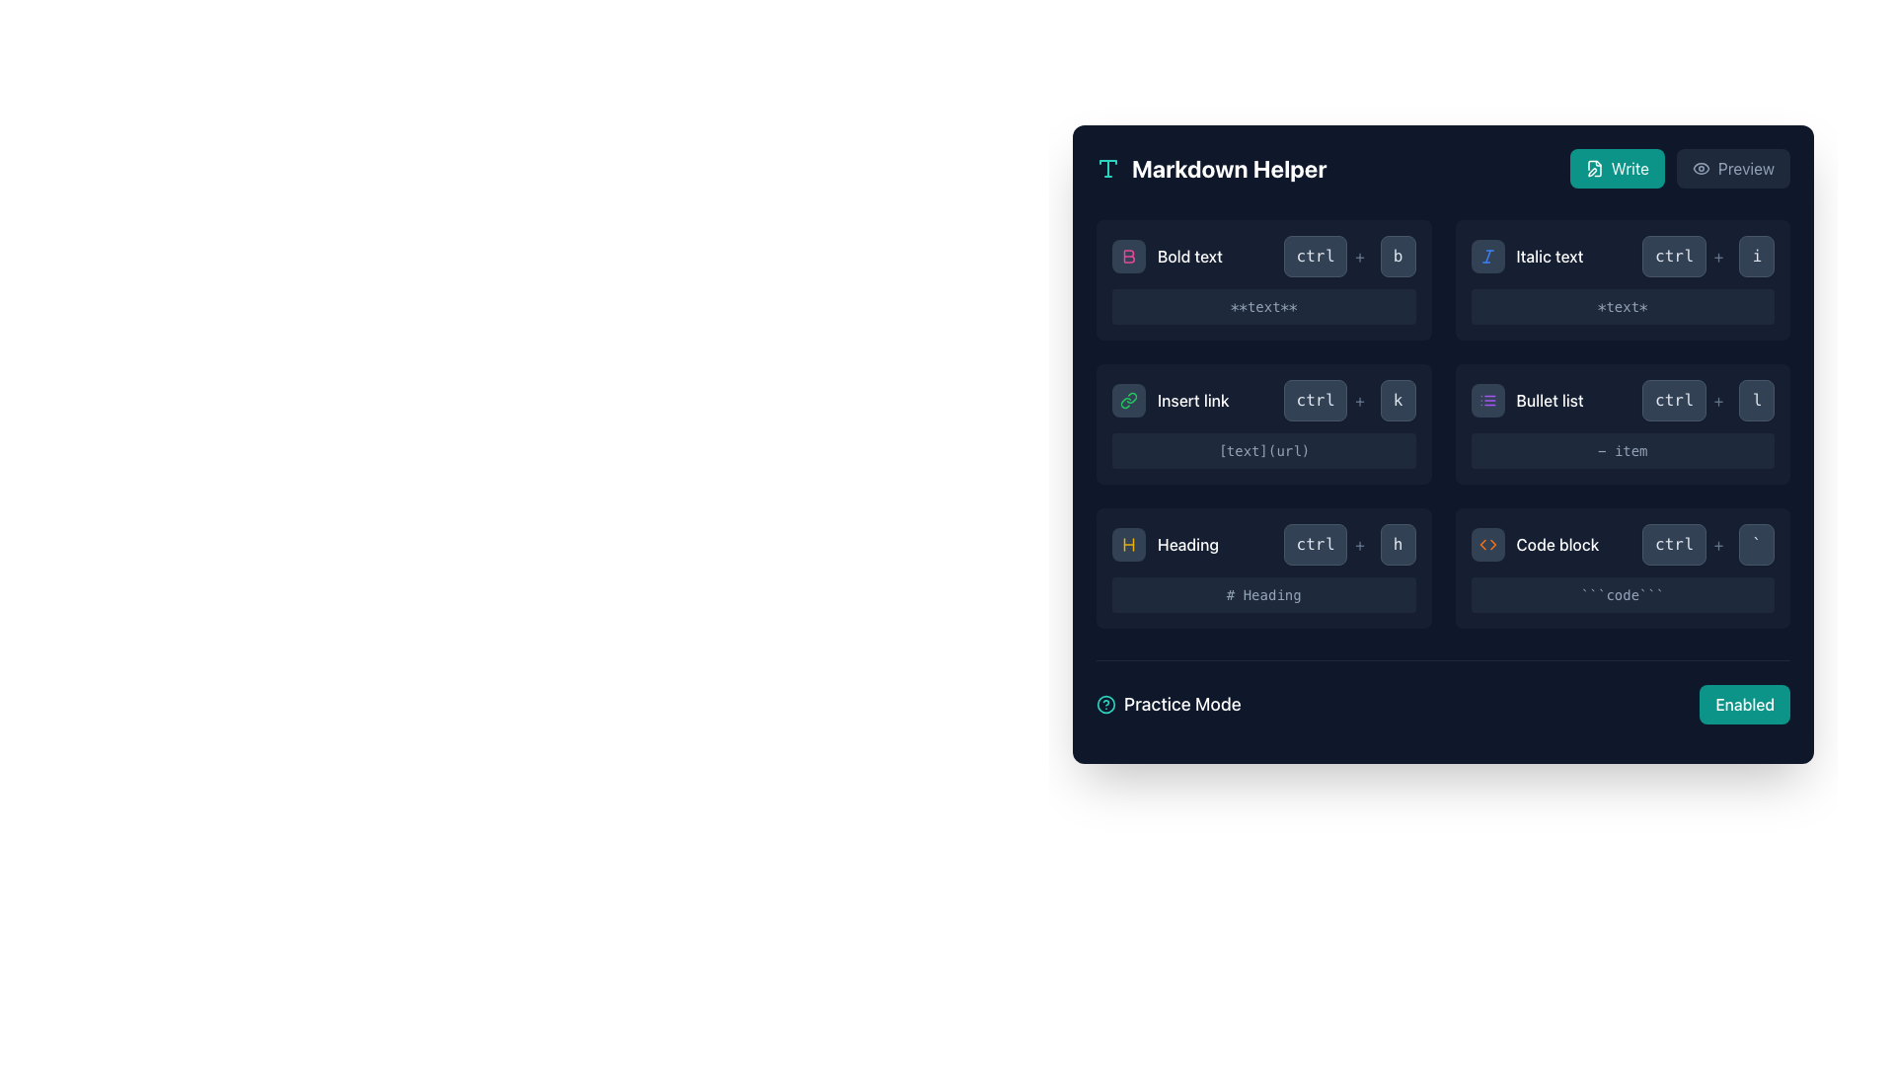 The height and width of the screenshot is (1066, 1895). Describe the element at coordinates (1167, 255) in the screenshot. I see `the 'Bold text' label with its accompanying icon, which is located in the top left sector of the interface, within the first row of the text styling options grid` at that location.